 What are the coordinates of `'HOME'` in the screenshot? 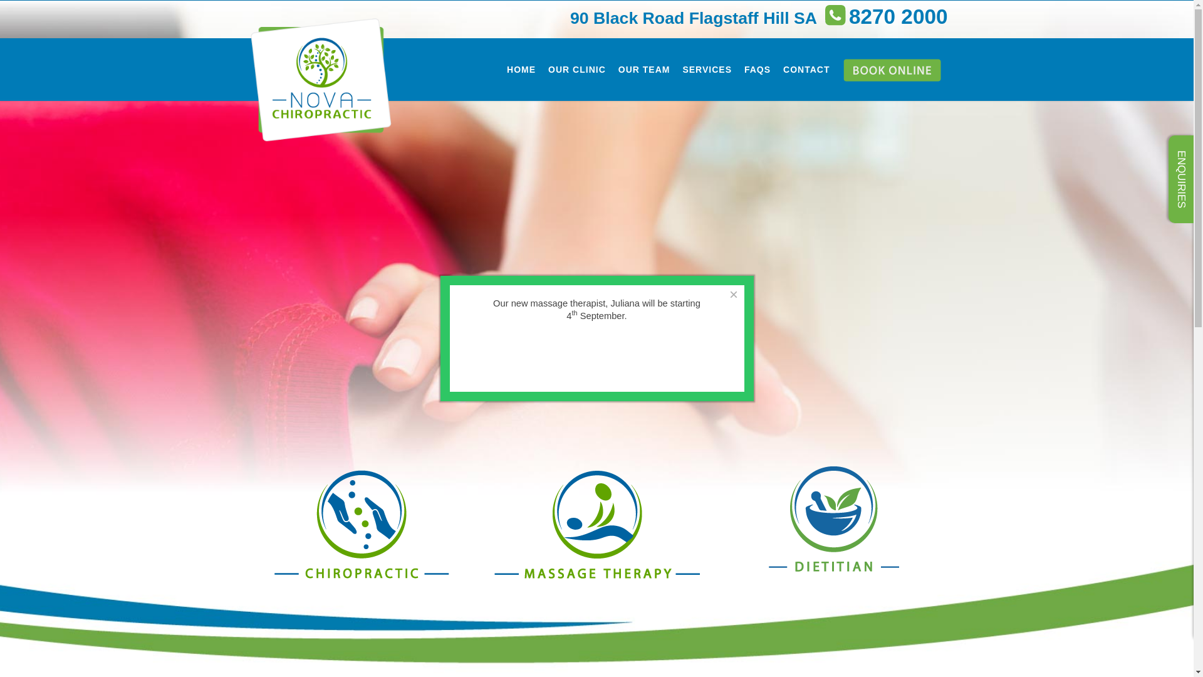 It's located at (521, 70).